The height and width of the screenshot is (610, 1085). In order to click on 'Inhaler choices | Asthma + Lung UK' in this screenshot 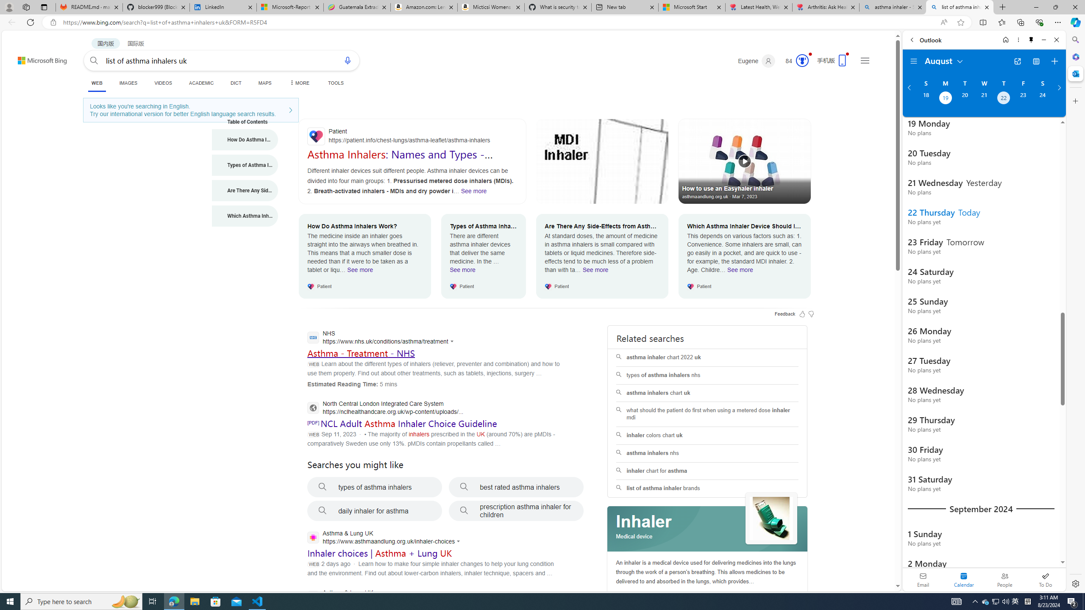, I will do `click(380, 553)`.